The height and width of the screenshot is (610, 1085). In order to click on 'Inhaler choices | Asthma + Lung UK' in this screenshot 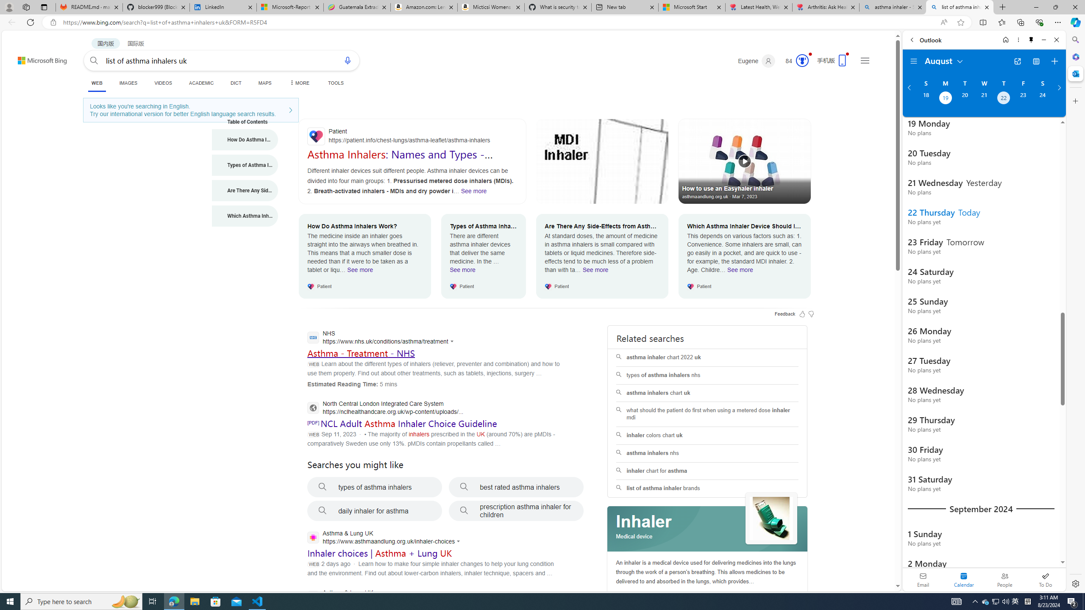, I will do `click(380, 553)`.